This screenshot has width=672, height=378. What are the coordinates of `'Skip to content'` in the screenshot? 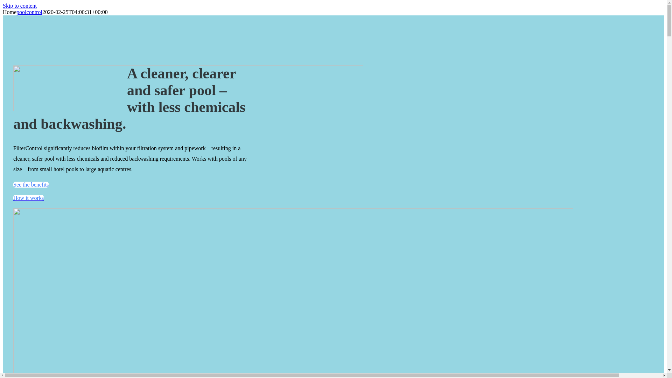 It's located at (20, 6).